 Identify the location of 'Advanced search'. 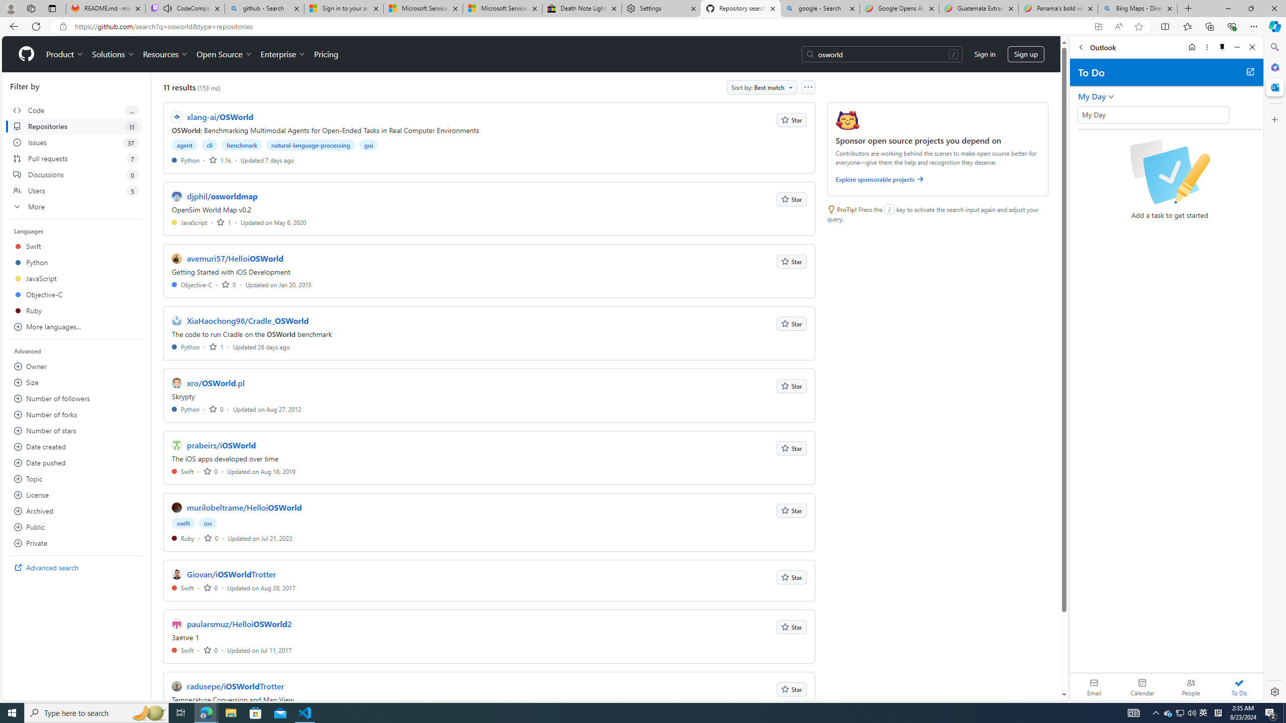
(76, 567).